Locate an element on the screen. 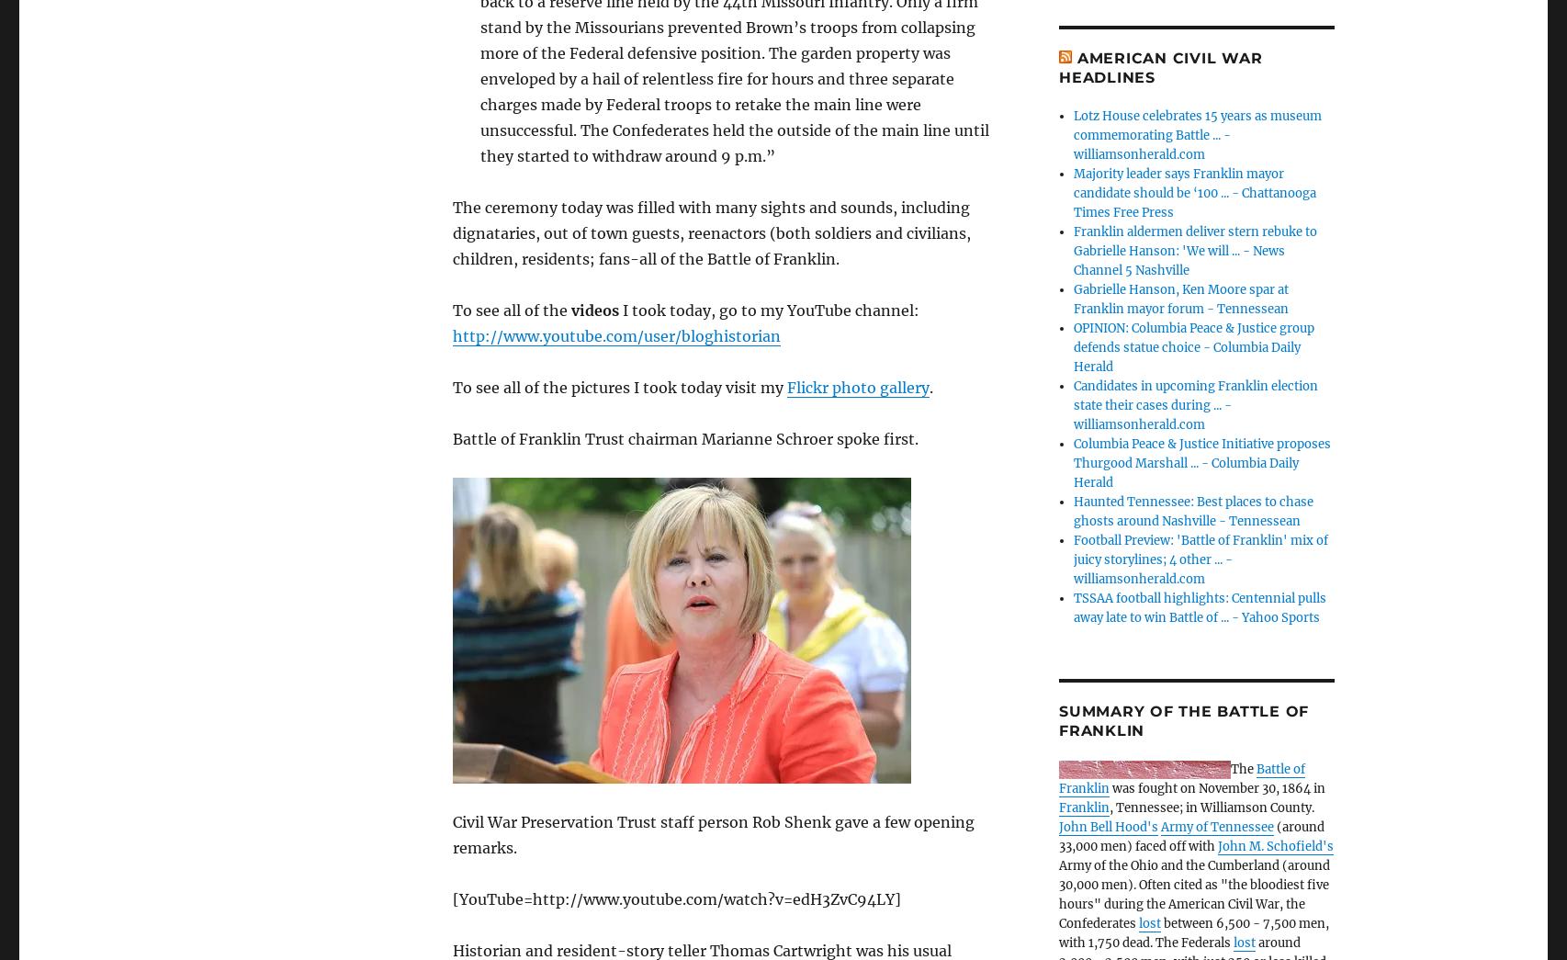 The height and width of the screenshot is (960, 1567). 'Summary of the Battle of Franklin' is located at coordinates (1183, 721).